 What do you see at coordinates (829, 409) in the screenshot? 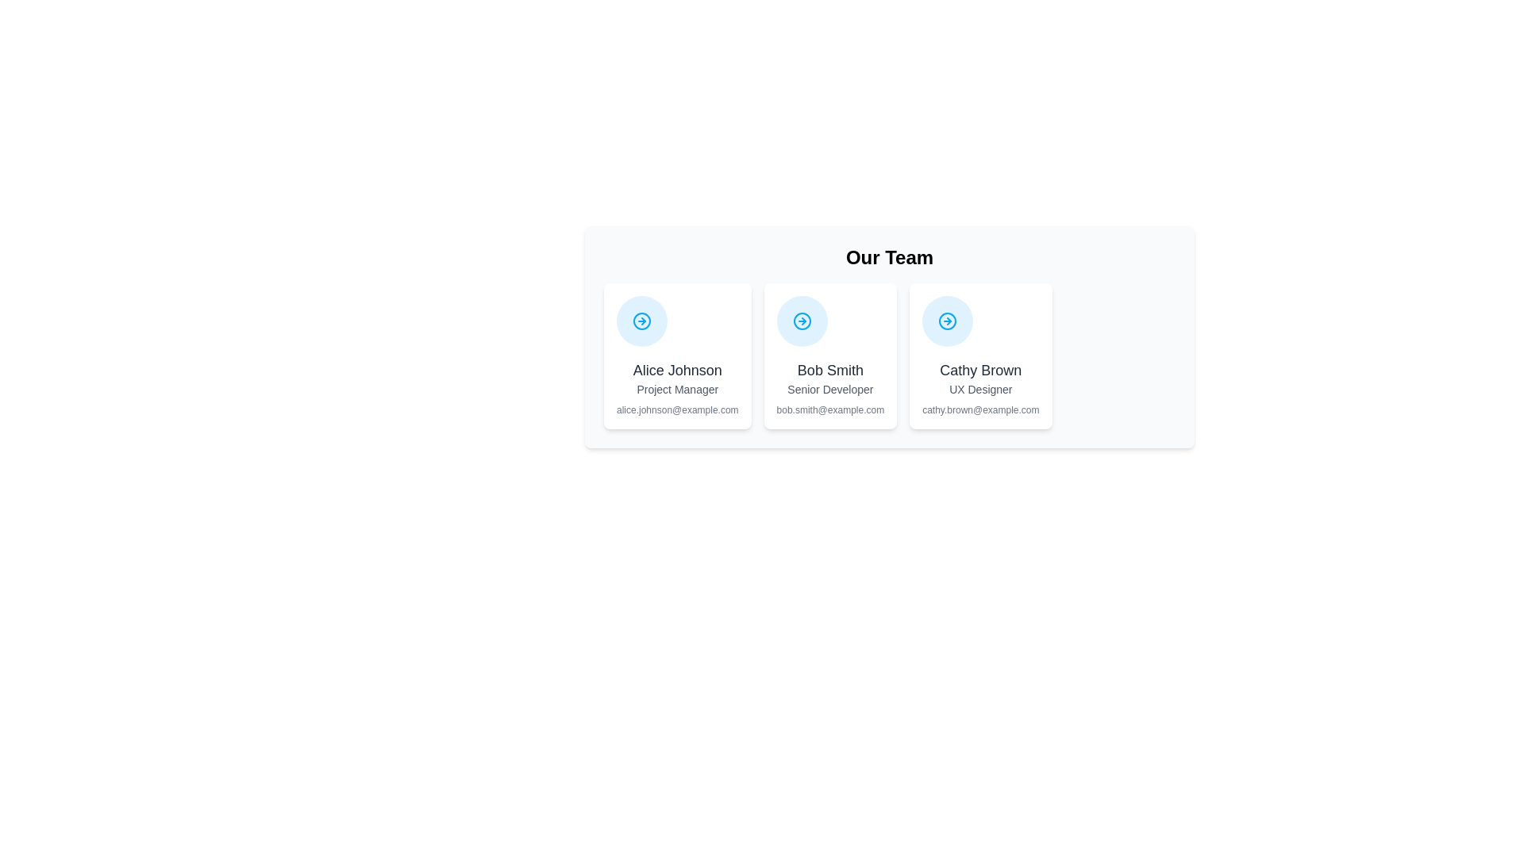
I see `the email address of 'Bob Smith' displayed in the text label for copying` at bounding box center [829, 409].